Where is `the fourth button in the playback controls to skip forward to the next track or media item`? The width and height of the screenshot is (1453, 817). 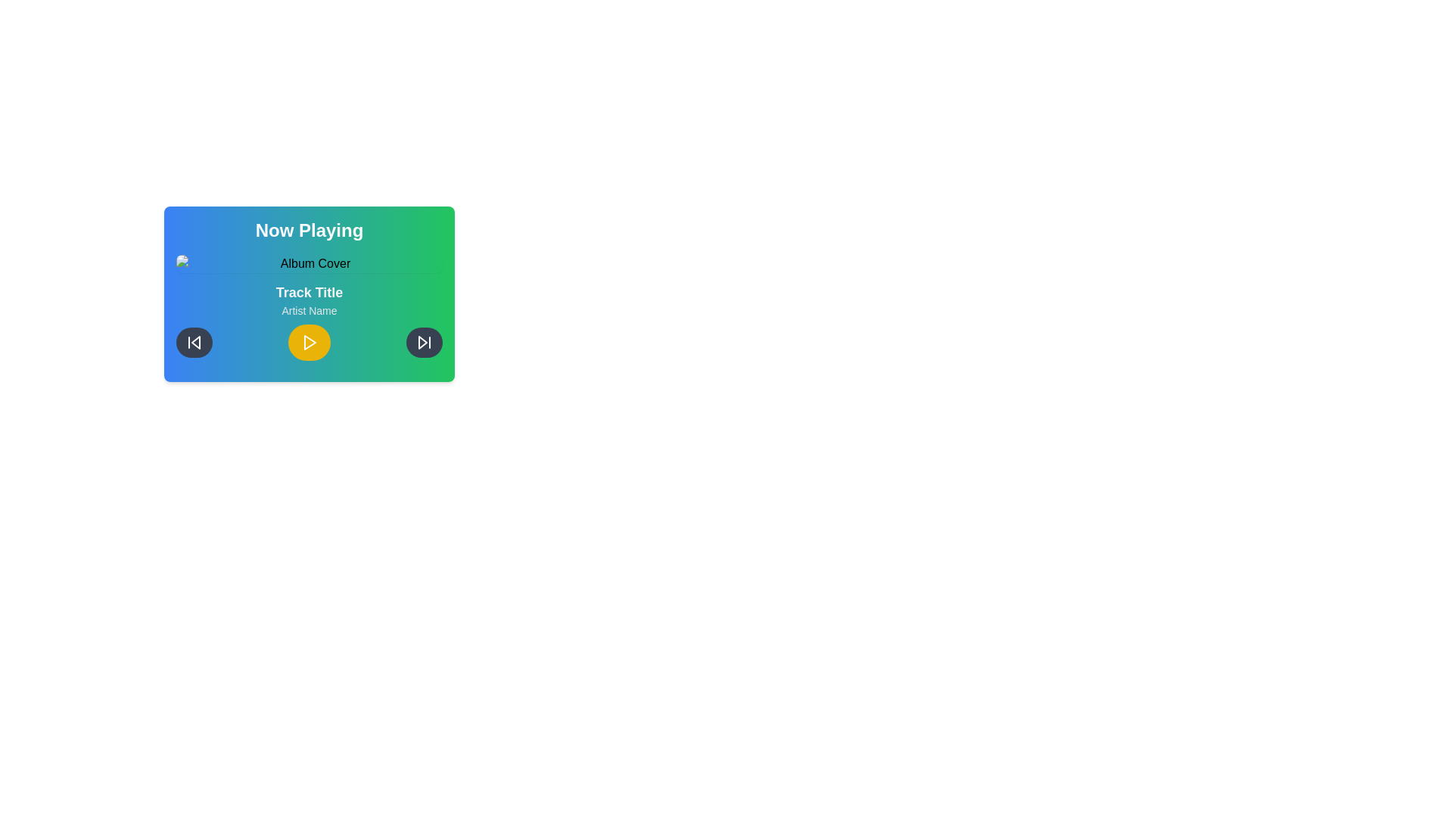 the fourth button in the playback controls to skip forward to the next track or media item is located at coordinates (424, 342).